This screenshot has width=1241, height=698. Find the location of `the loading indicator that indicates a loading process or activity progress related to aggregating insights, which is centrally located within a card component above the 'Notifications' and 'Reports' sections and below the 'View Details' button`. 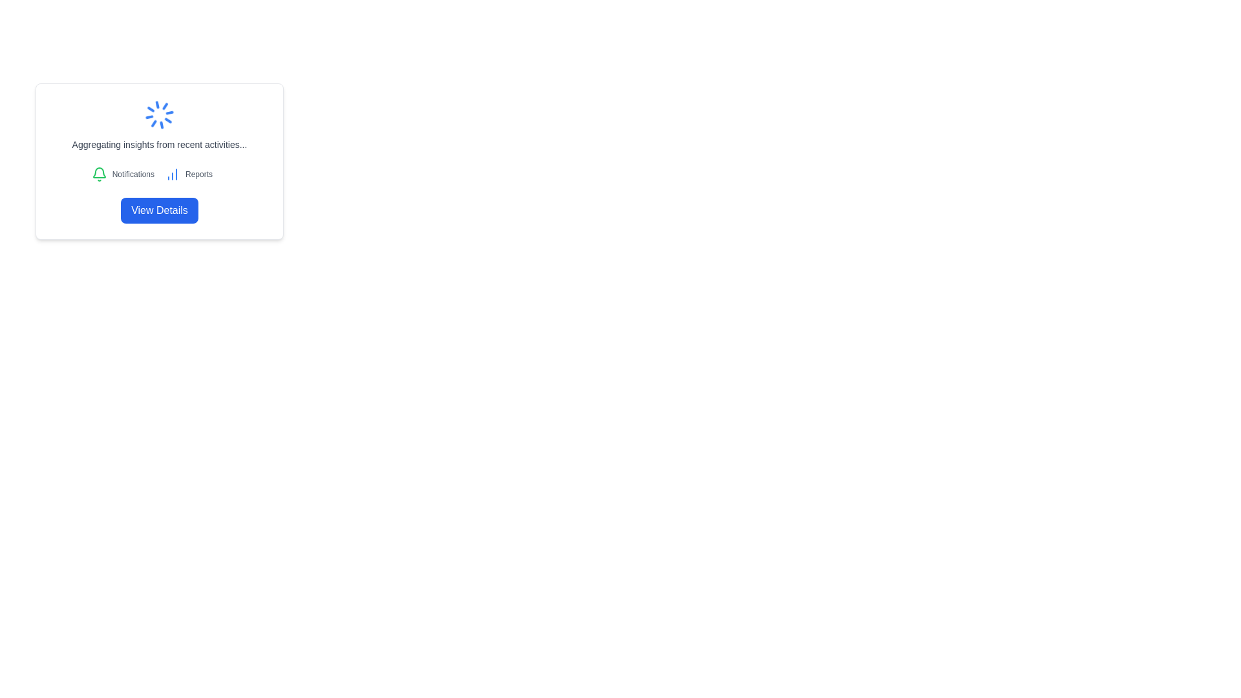

the loading indicator that indicates a loading process or activity progress related to aggregating insights, which is centrally located within a card component above the 'Notifications' and 'Reports' sections and below the 'View Details' button is located at coordinates (158, 125).